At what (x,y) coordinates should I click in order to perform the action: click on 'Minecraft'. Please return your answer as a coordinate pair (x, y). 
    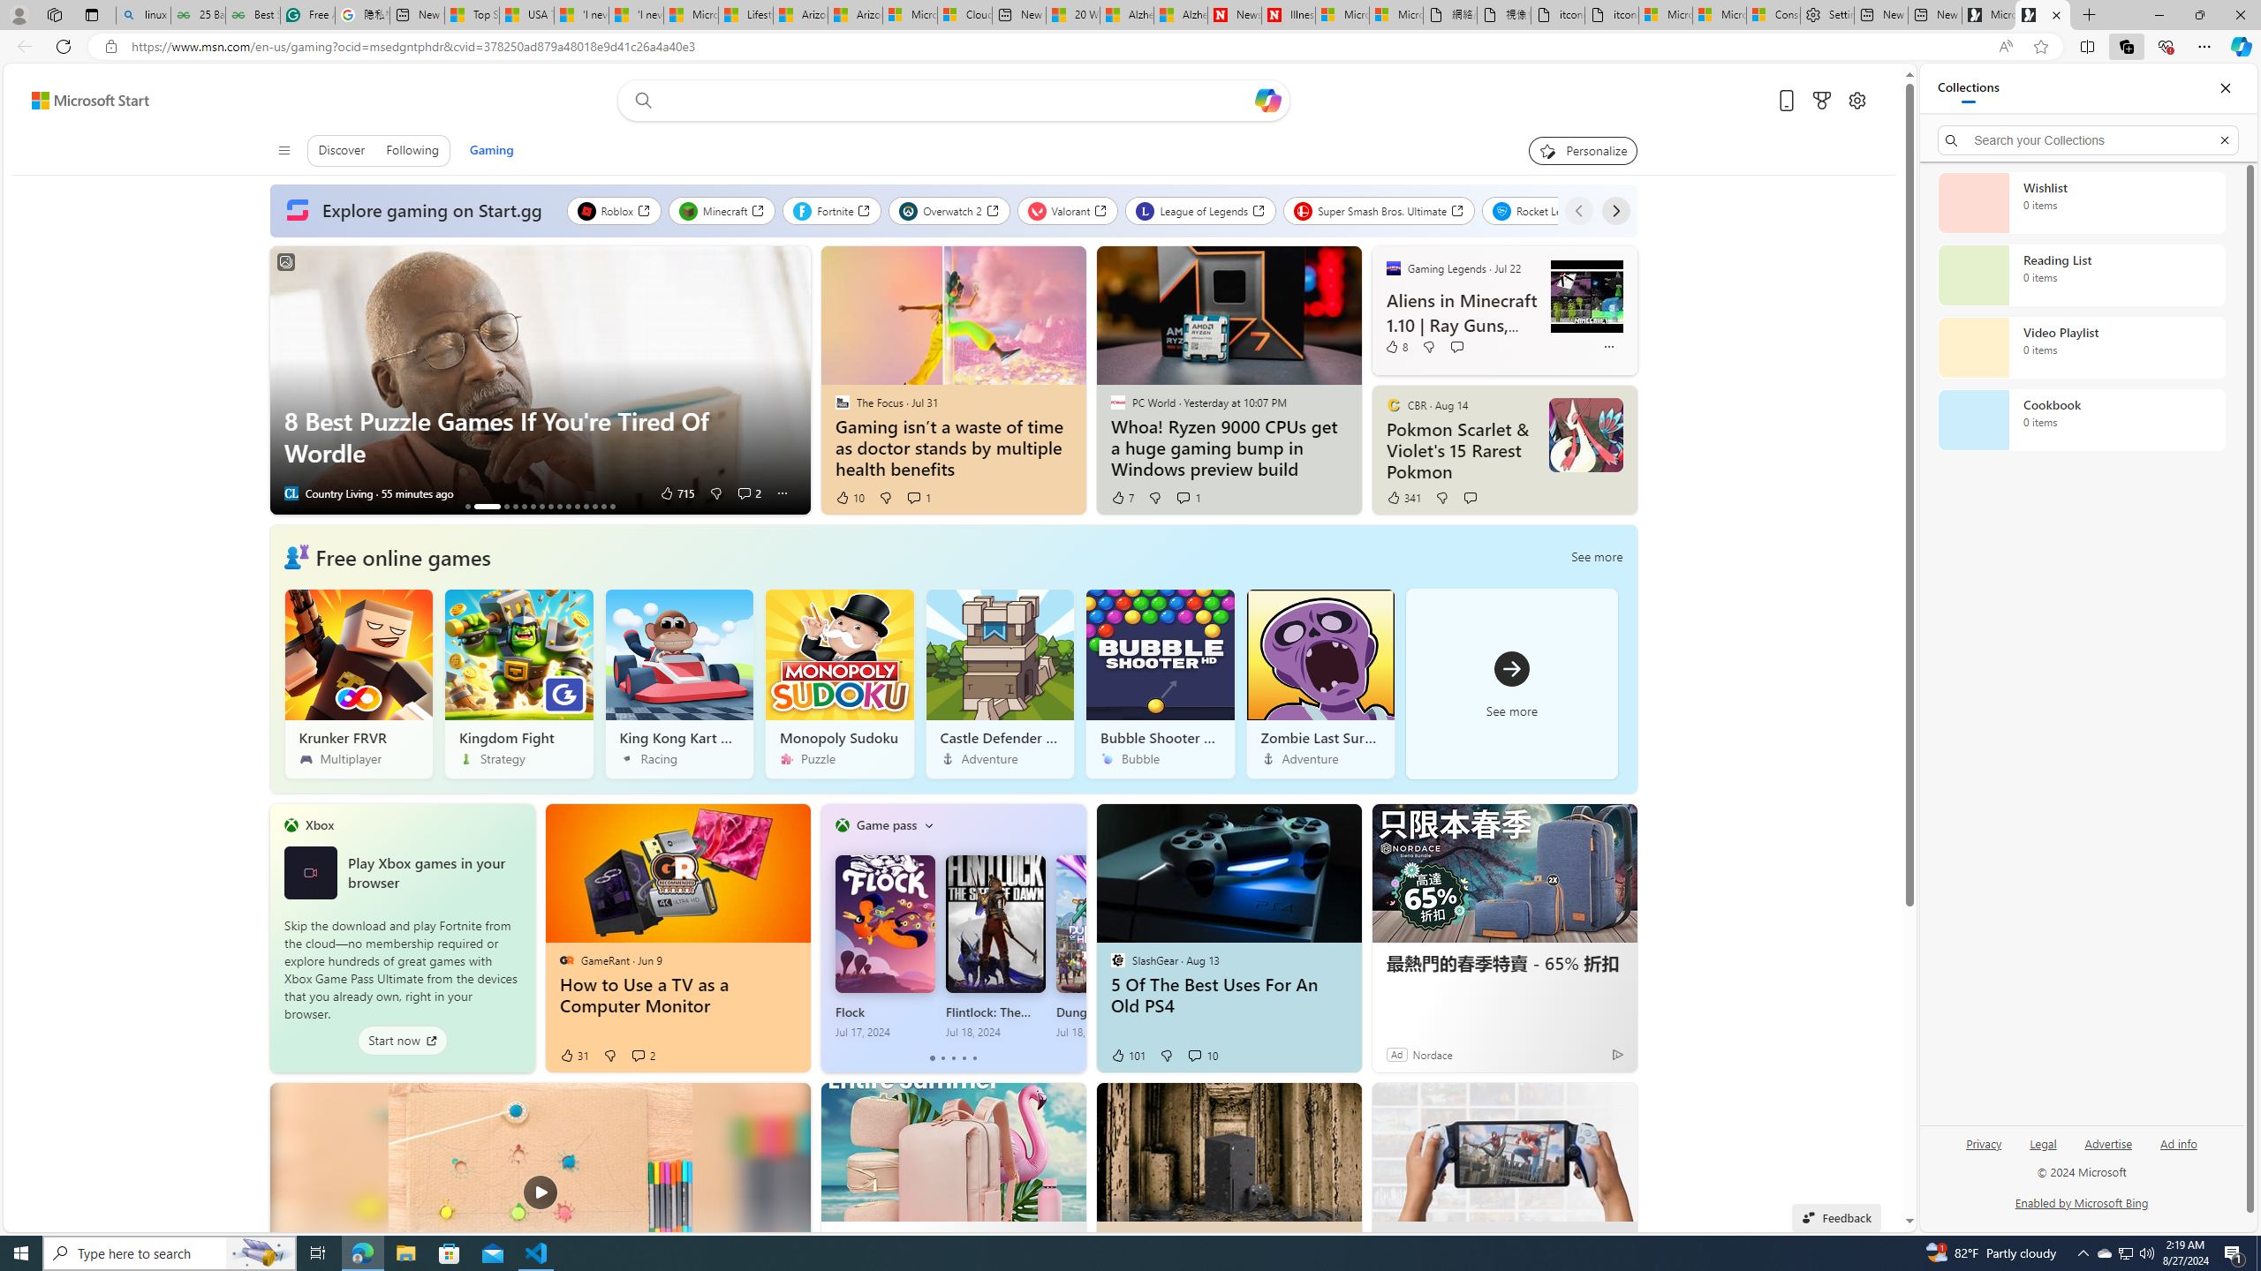
    Looking at the image, I should click on (721, 210).